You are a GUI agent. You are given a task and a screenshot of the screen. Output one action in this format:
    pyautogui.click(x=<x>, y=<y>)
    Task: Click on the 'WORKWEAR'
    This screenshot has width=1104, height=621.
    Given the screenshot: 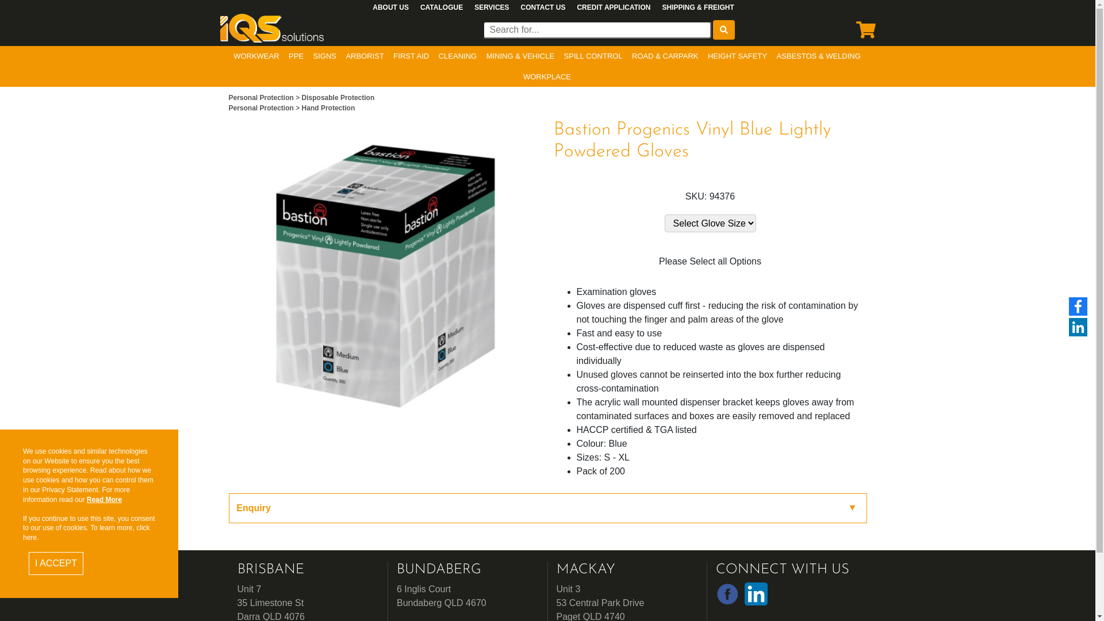 What is the action you would take?
    pyautogui.click(x=255, y=56)
    